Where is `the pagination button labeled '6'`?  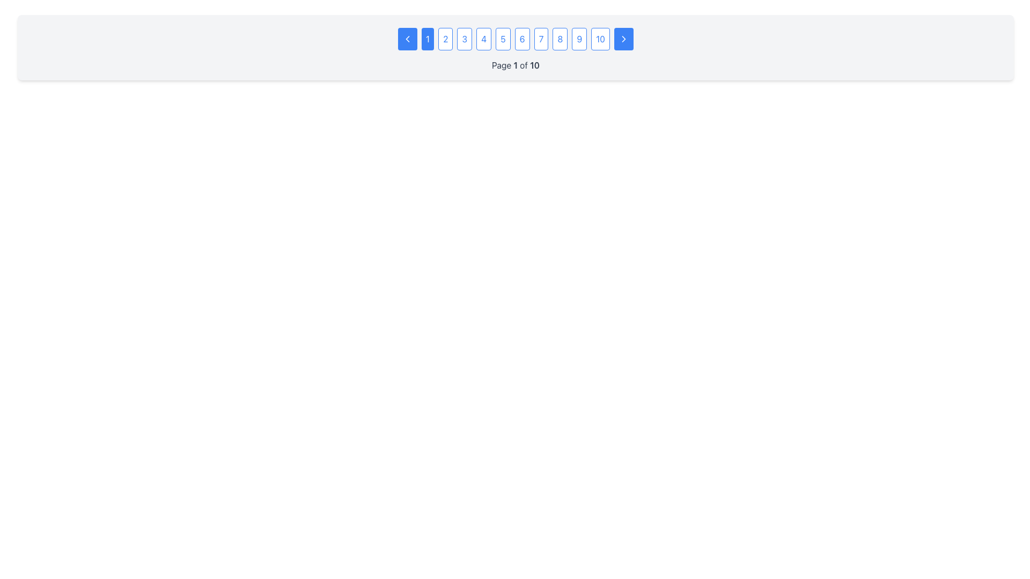
the pagination button labeled '6' is located at coordinates (522, 39).